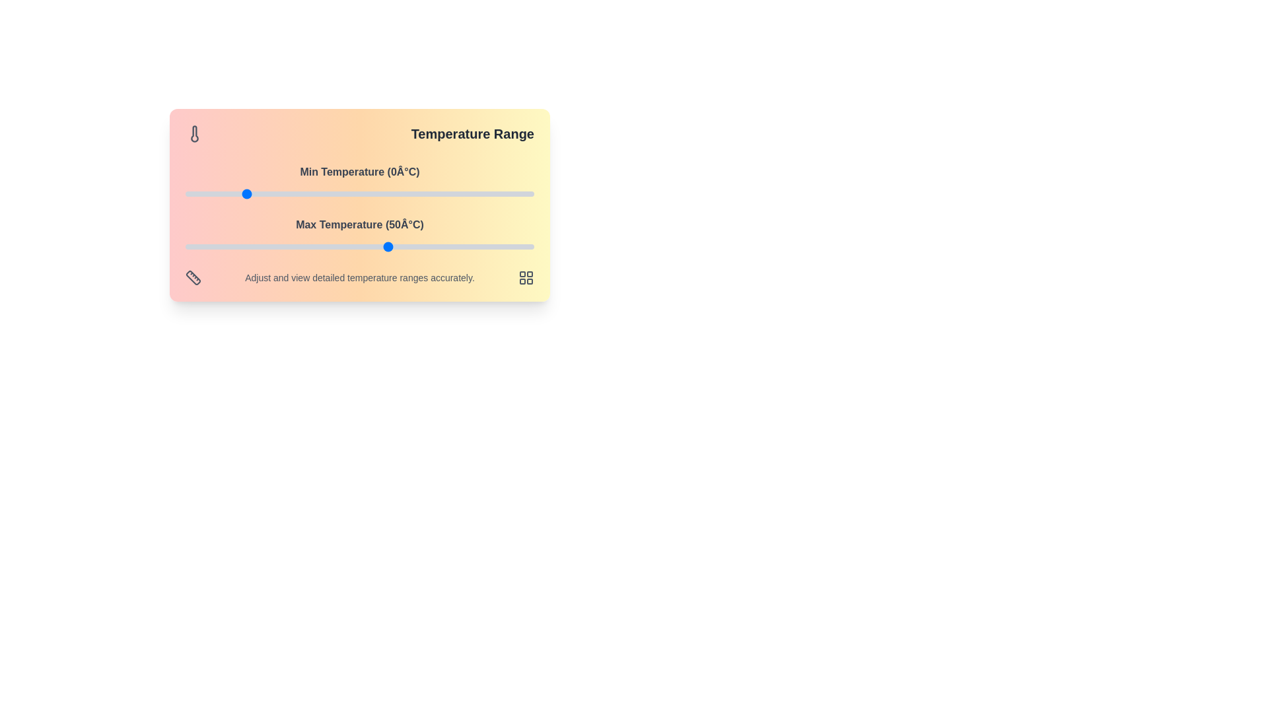 This screenshot has height=713, width=1268. What do you see at coordinates (194, 134) in the screenshot?
I see `the thermometer icon in the header` at bounding box center [194, 134].